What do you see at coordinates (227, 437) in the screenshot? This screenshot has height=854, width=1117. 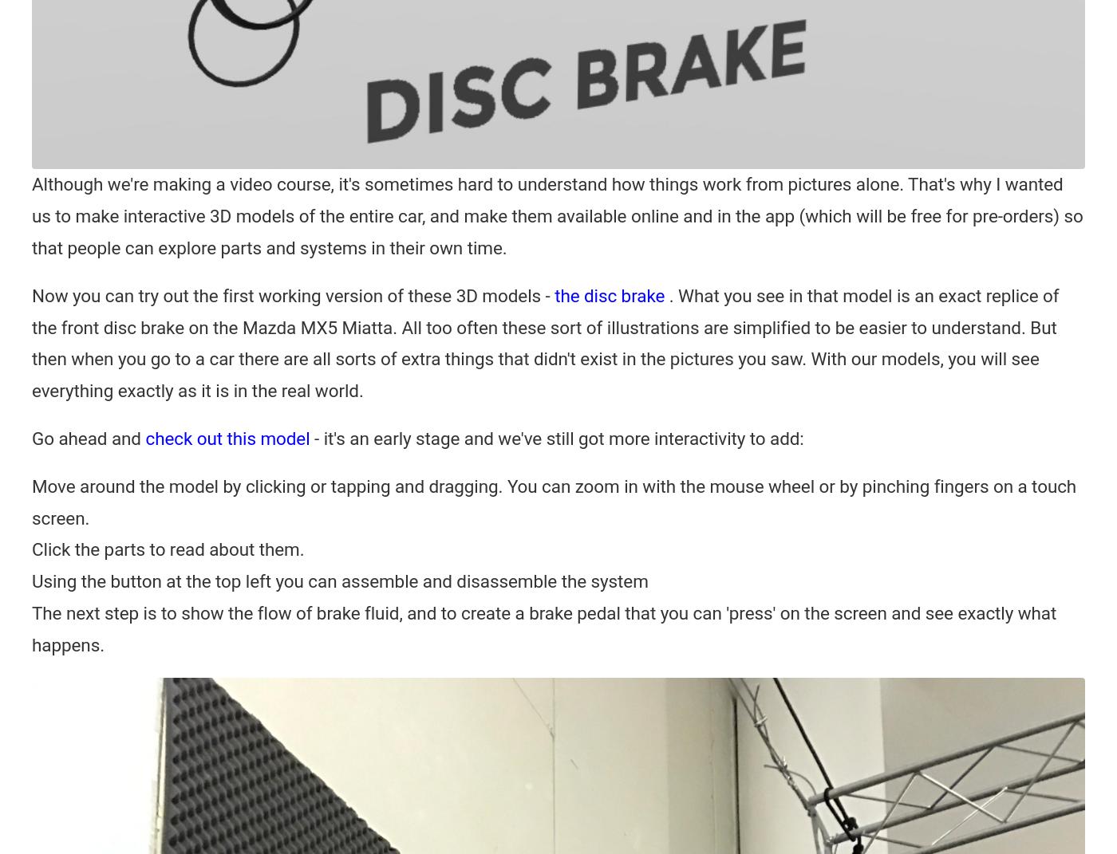 I see `'check out this model'` at bounding box center [227, 437].